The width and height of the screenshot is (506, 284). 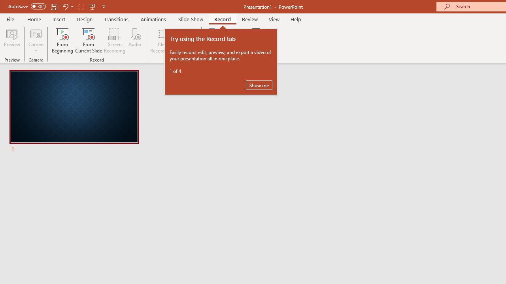 What do you see at coordinates (162, 41) in the screenshot?
I see `'Clear Recording'` at bounding box center [162, 41].